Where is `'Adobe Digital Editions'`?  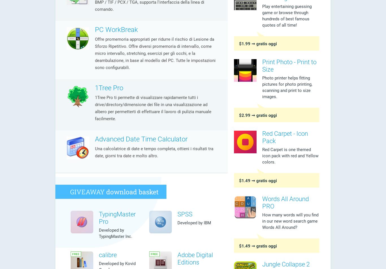 'Adobe Digital Editions' is located at coordinates (195, 258).